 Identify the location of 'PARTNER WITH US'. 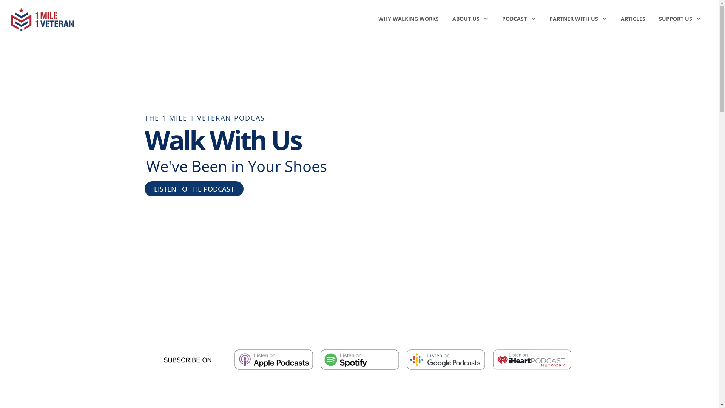
(542, 19).